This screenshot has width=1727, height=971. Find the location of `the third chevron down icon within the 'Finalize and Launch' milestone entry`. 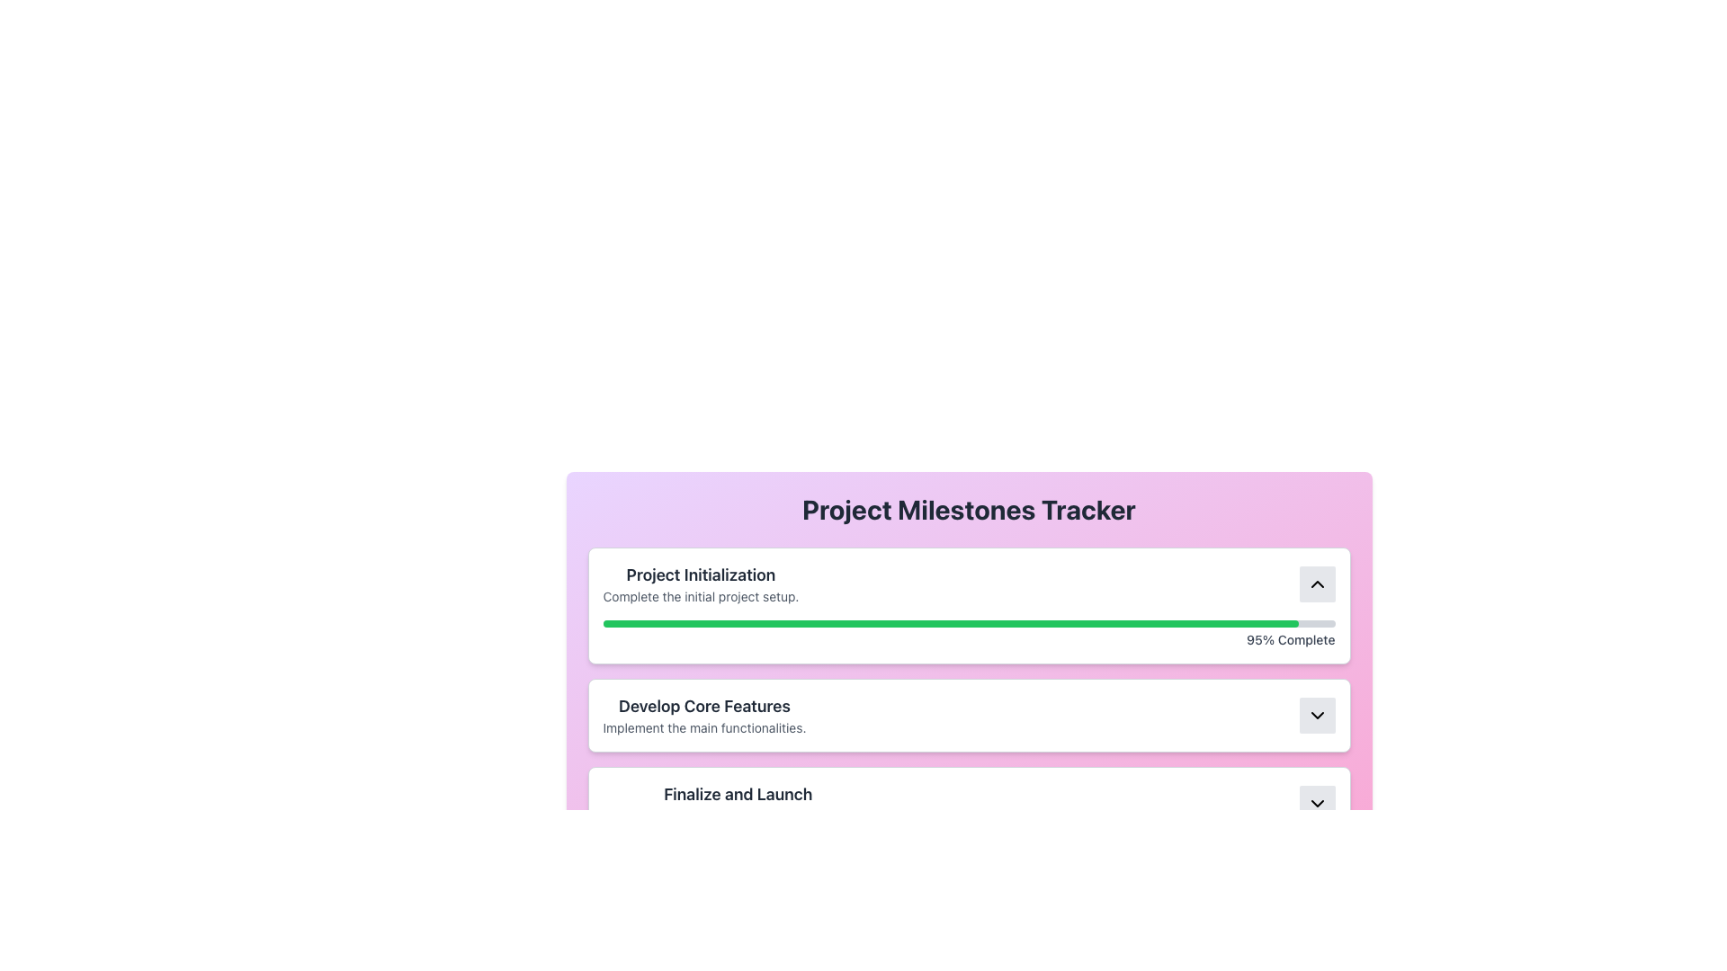

the third chevron down icon within the 'Finalize and Launch' milestone entry is located at coordinates (1317, 803).